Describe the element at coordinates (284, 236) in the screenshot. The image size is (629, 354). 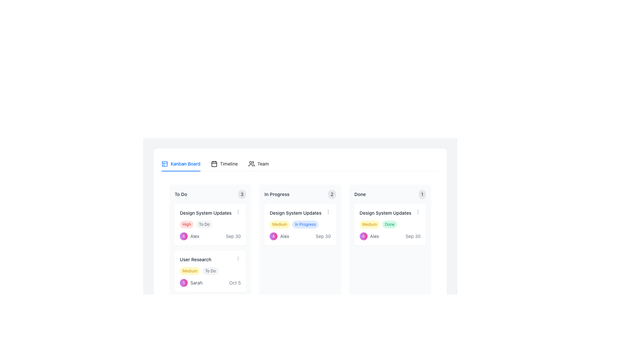
I see `the Text Label representing the user or assignee's name` at that location.